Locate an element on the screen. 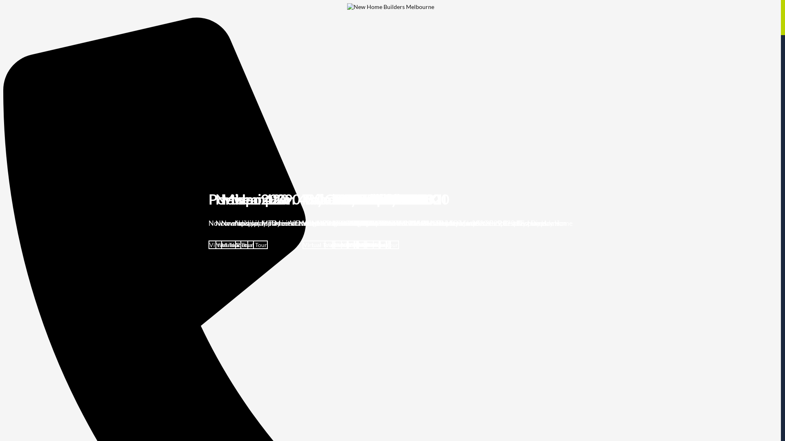 This screenshot has width=785, height=441. 'Virtual Tour' is located at coordinates (341, 244).